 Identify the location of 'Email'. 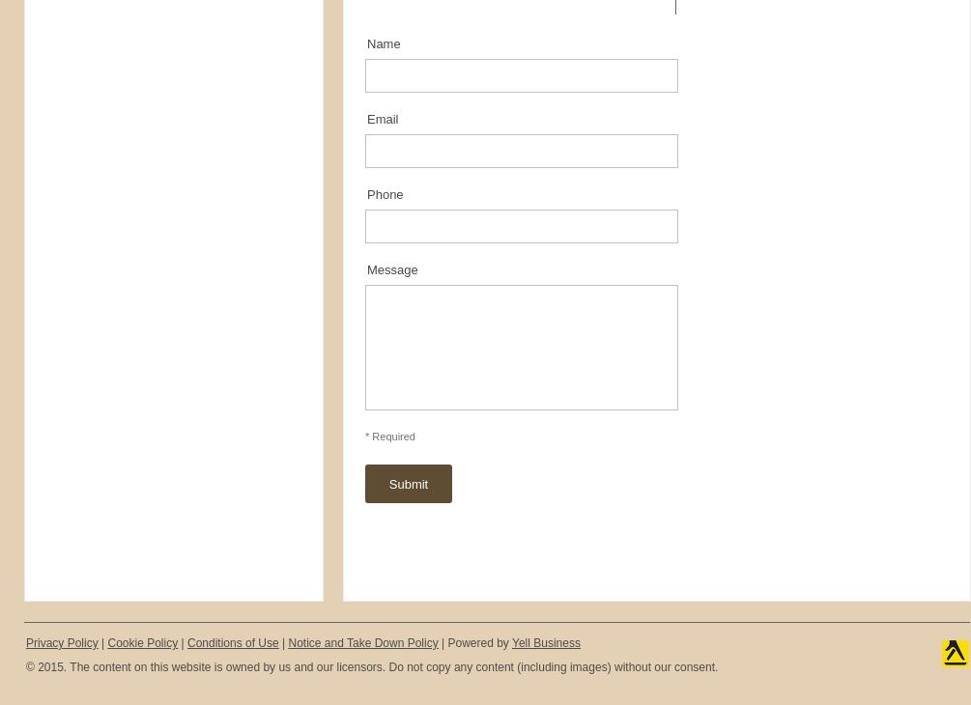
(382, 118).